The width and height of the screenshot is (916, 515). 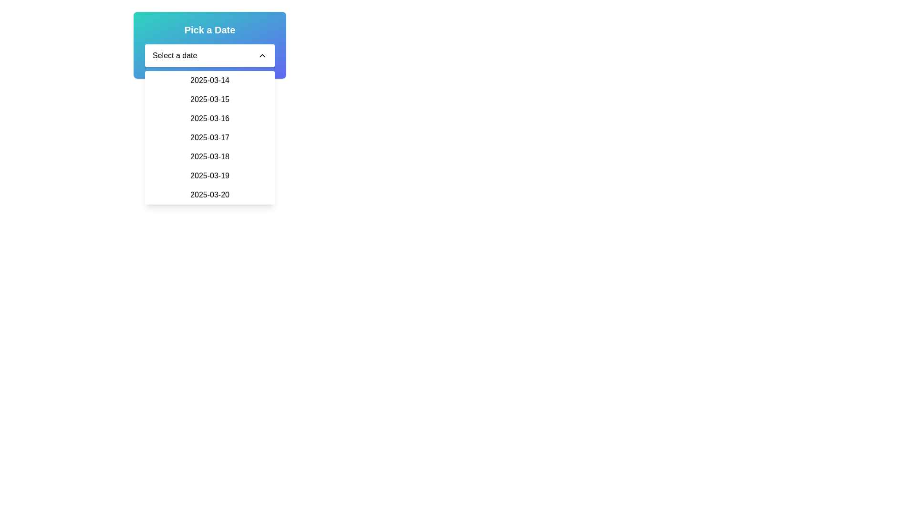 What do you see at coordinates (262, 55) in the screenshot?
I see `the Chevron Up arrow icon located at the rightmost section of the 'Select a date.' dropdown to retract the dropdown` at bounding box center [262, 55].